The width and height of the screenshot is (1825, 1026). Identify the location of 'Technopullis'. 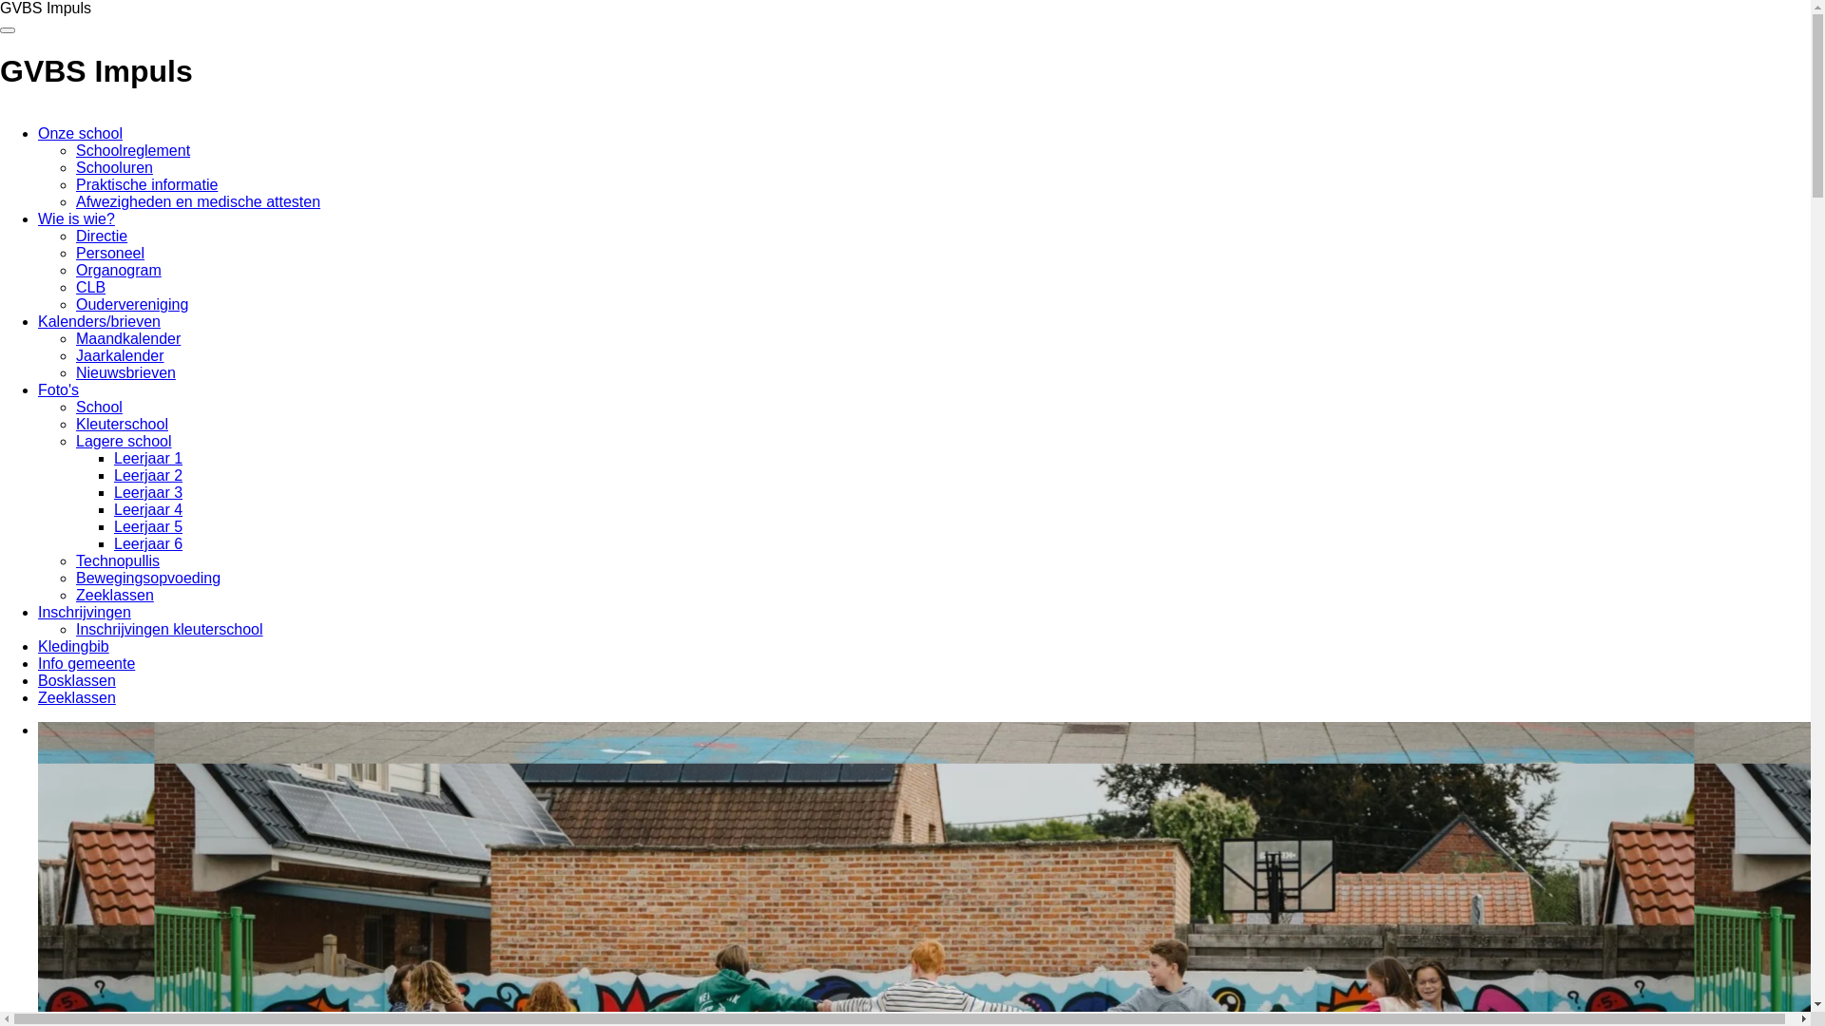
(117, 560).